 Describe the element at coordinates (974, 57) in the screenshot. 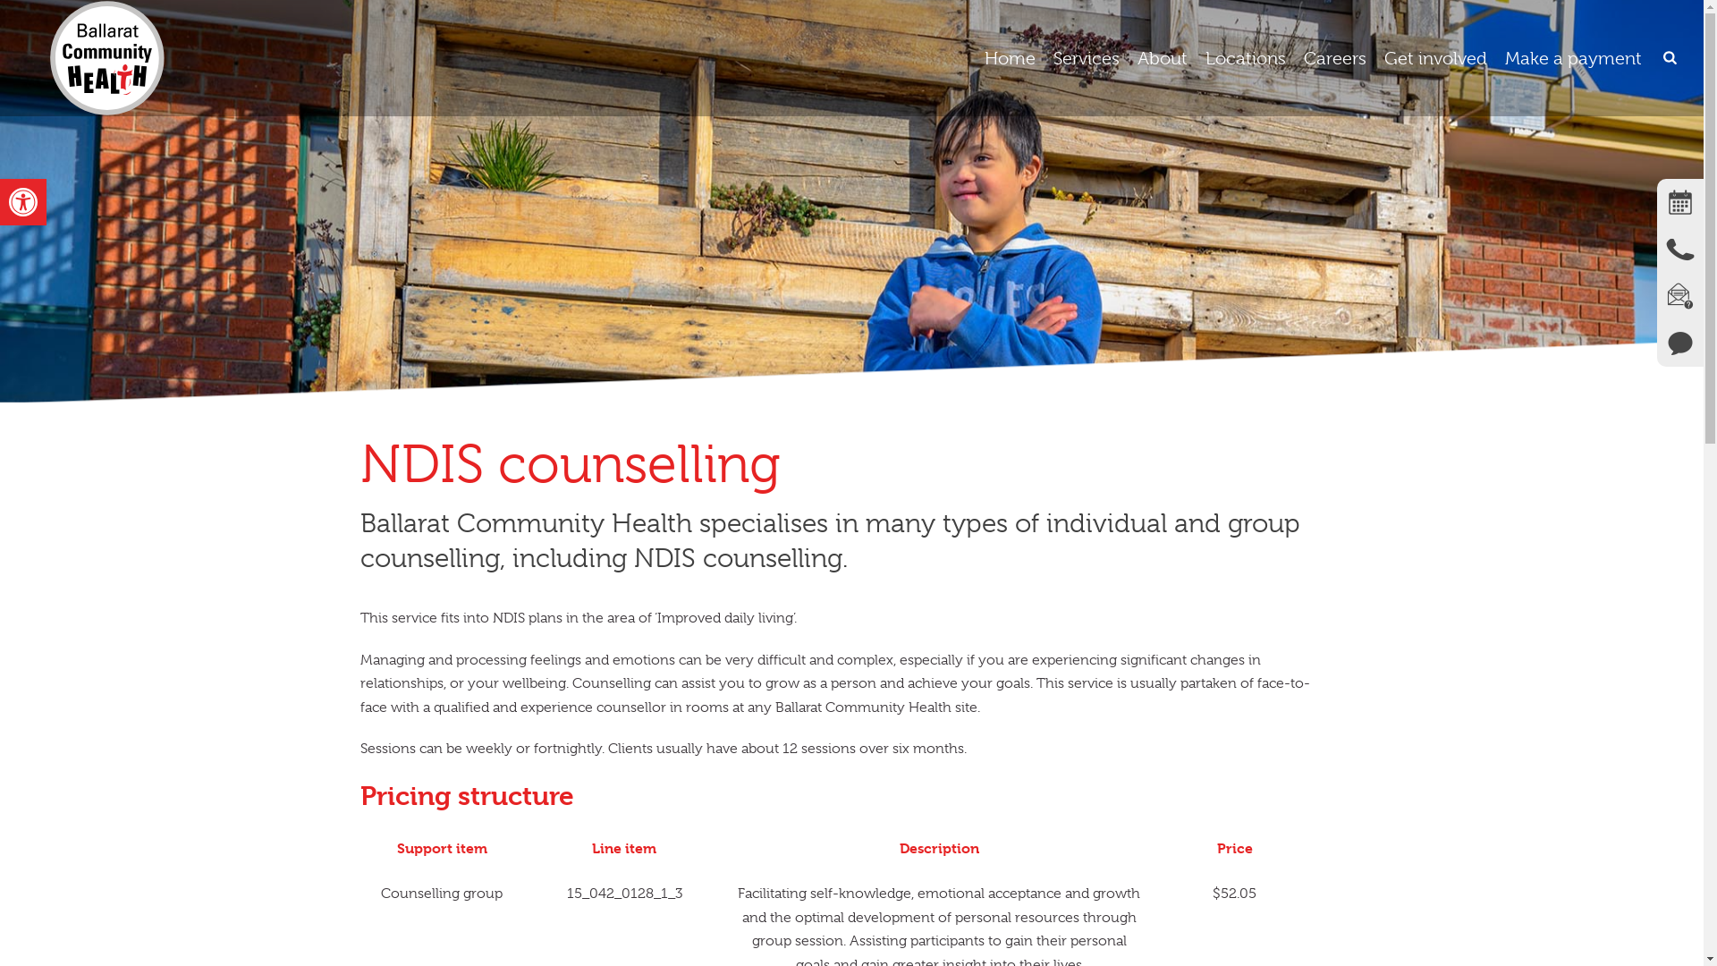

I see `'Home'` at that location.